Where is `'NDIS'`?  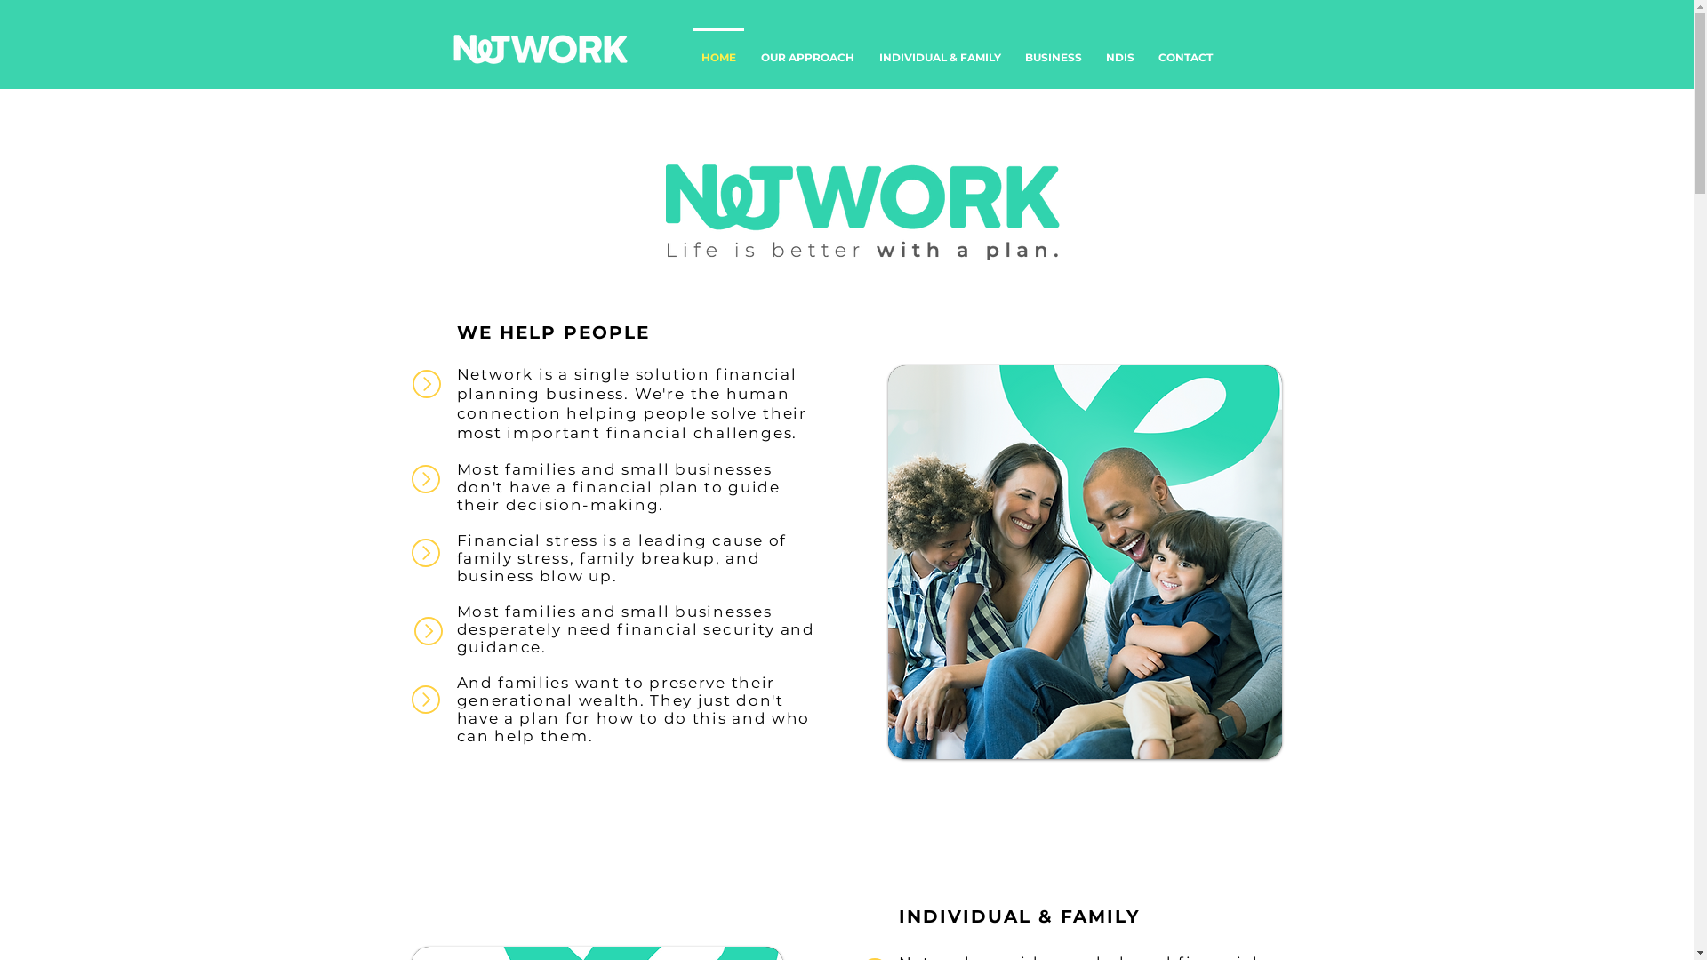
'NDIS' is located at coordinates (1118, 49).